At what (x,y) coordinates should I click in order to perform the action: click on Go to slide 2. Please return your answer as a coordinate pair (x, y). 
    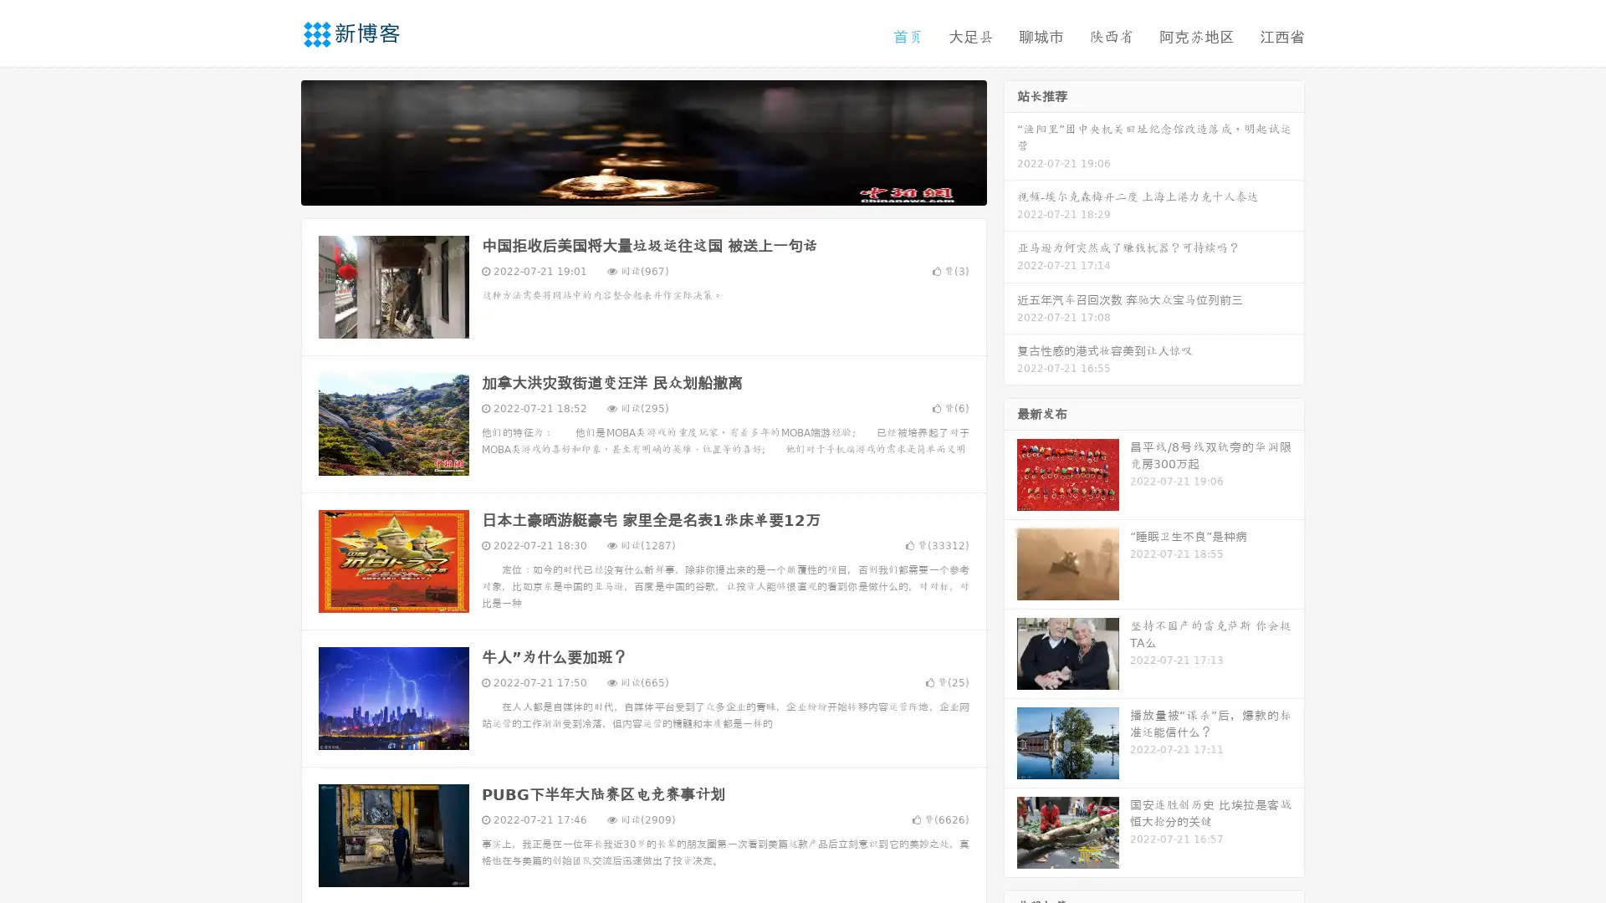
    Looking at the image, I should click on (642, 188).